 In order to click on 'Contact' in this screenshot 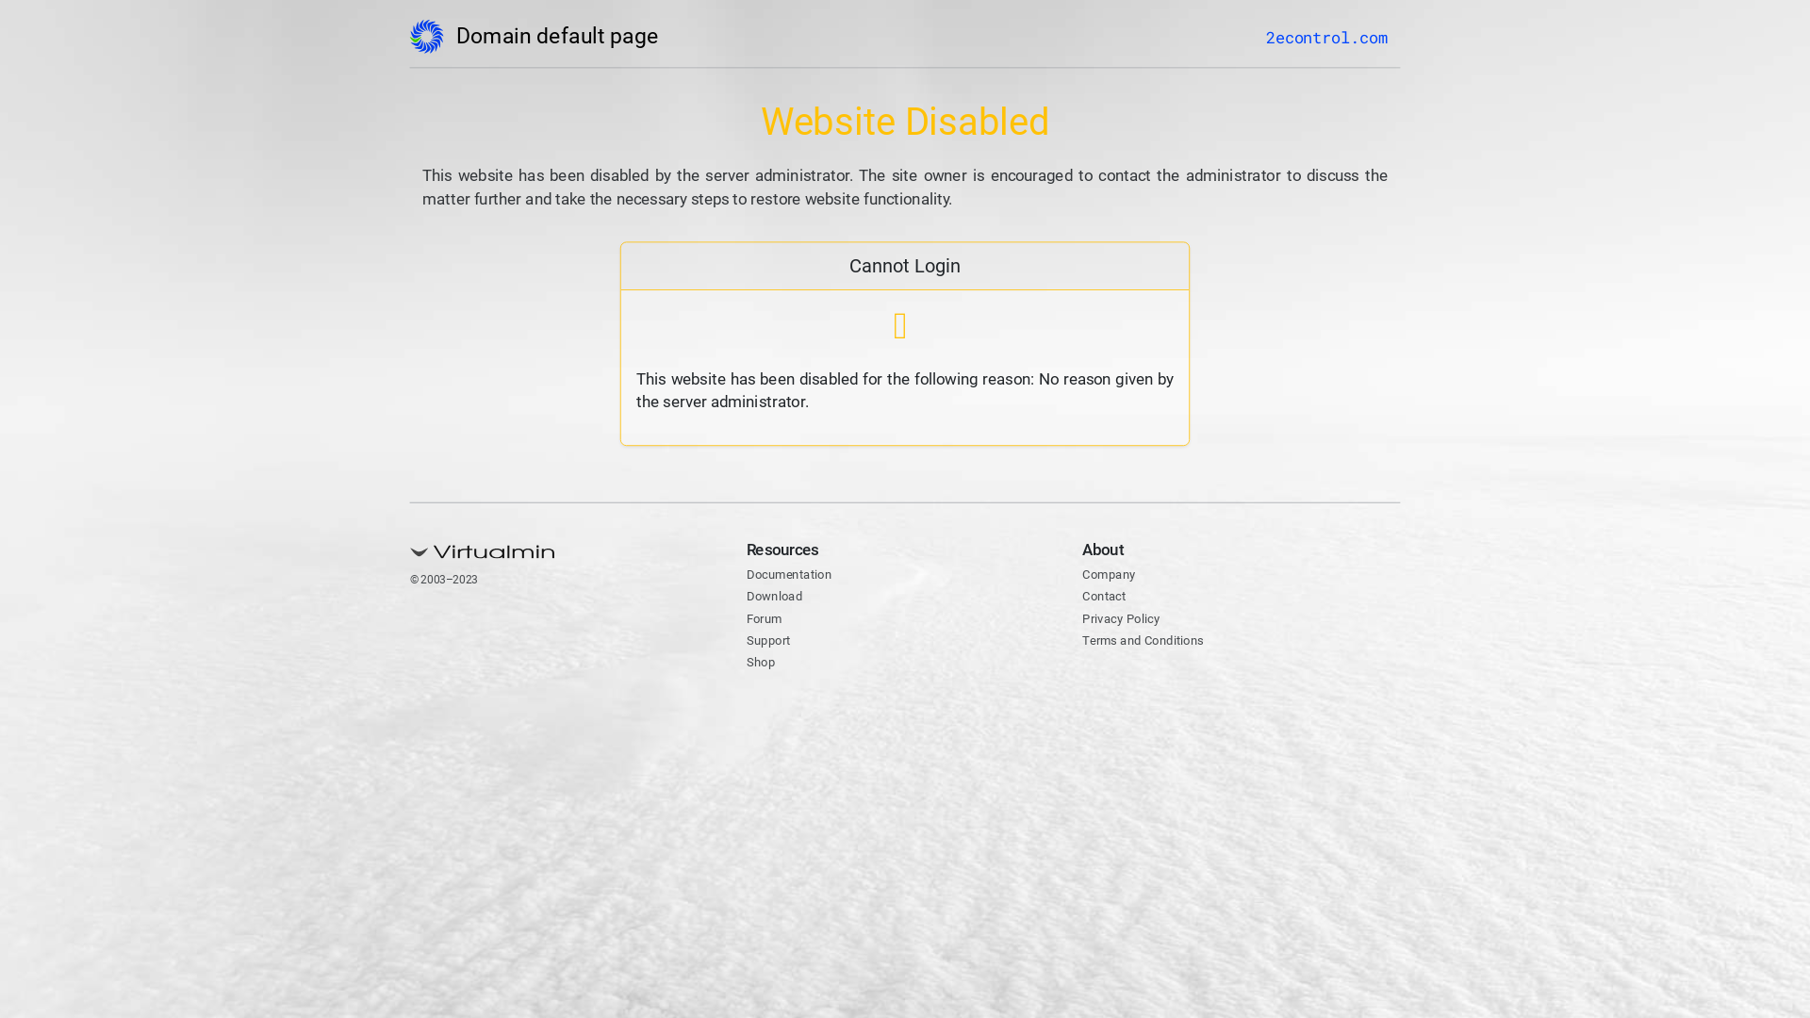, I will do `click(1108, 598)`.